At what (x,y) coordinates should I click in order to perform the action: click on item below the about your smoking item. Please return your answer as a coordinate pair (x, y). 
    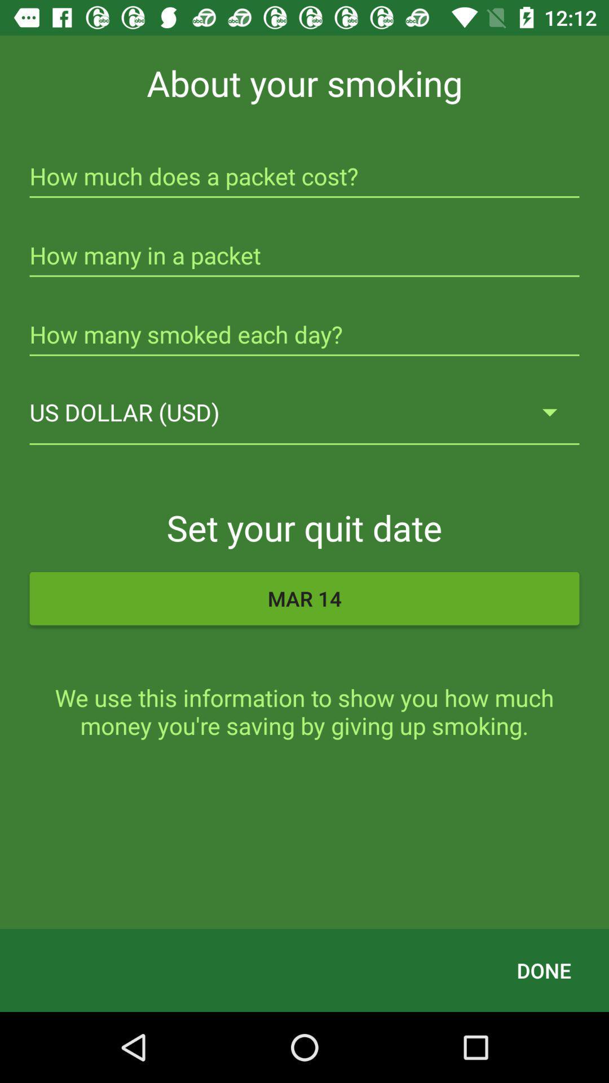
    Looking at the image, I should click on (304, 177).